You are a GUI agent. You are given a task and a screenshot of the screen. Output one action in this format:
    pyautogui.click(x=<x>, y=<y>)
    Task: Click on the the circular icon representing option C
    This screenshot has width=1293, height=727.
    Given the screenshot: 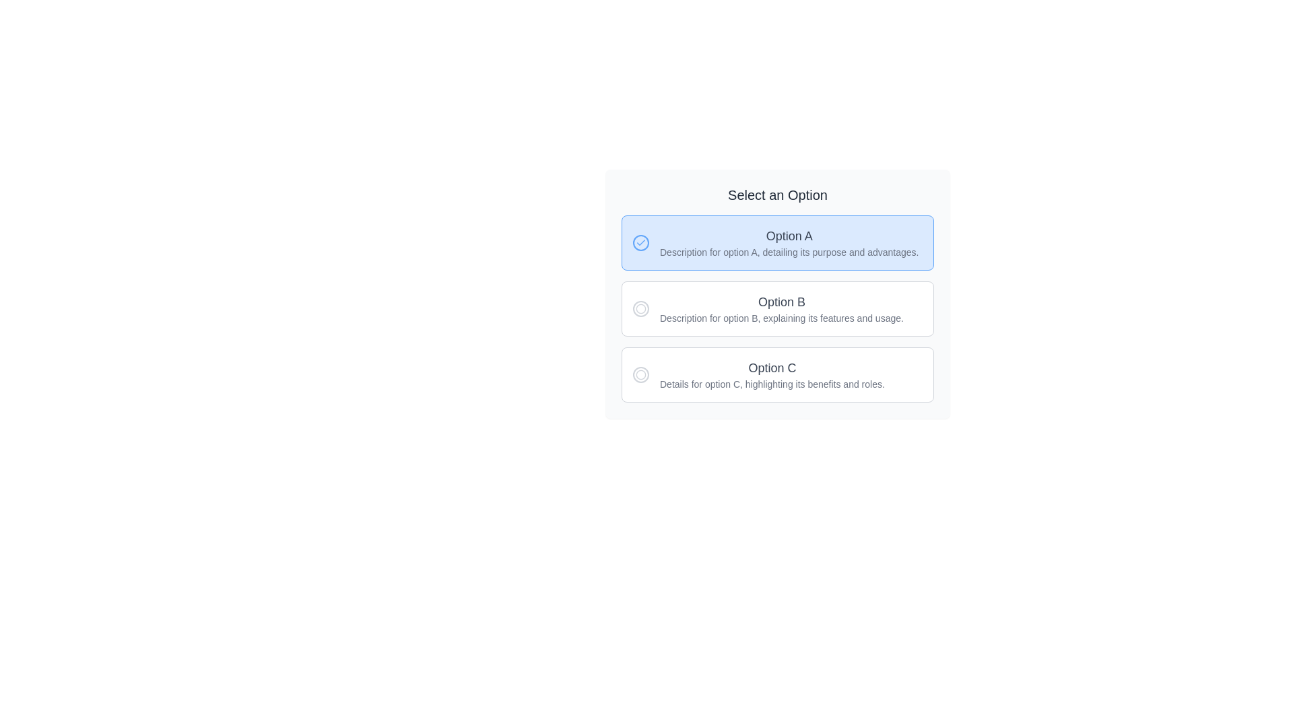 What is the action you would take?
    pyautogui.click(x=640, y=374)
    